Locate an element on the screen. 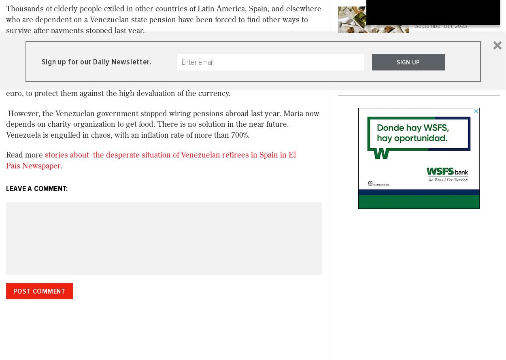 This screenshot has width=506, height=360. 'Thousands of elderly people exiled in other countries of Latin America, Spain, and elsewhere who are dependent on a Venezuelan state pension have been forced to find other ways to survive after payments stopped last year.' is located at coordinates (164, 19).